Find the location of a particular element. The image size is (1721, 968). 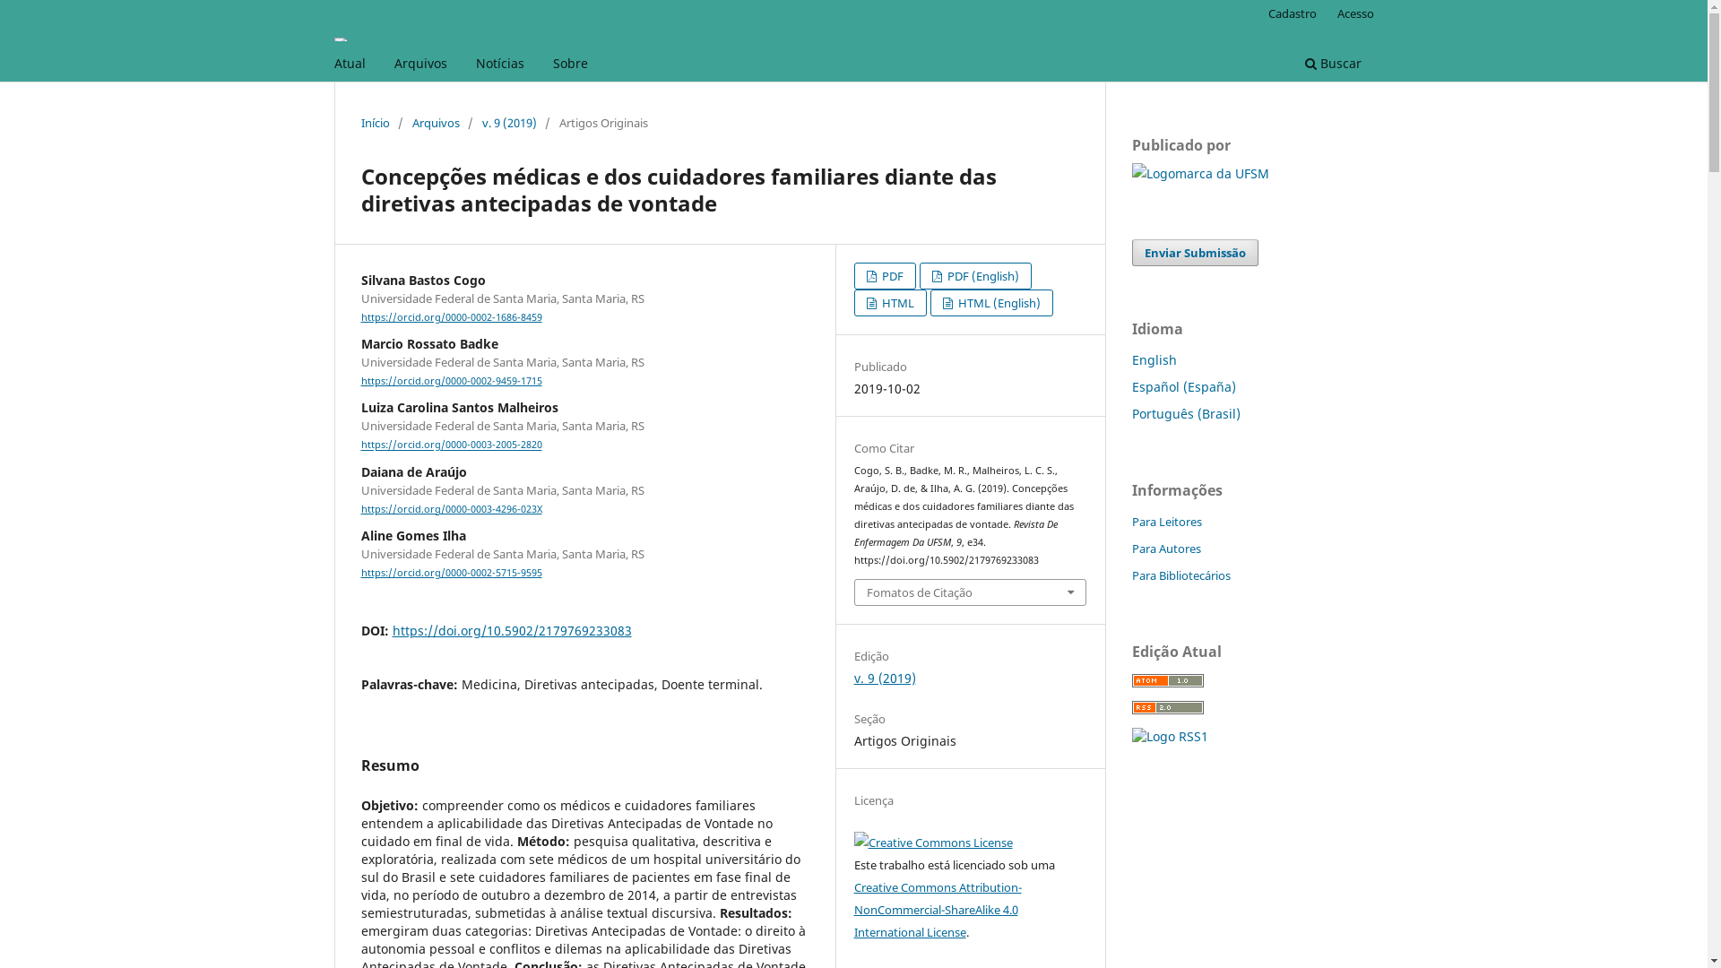

'https://orcid.org/0000-0002-9459-1715' is located at coordinates (451, 379).